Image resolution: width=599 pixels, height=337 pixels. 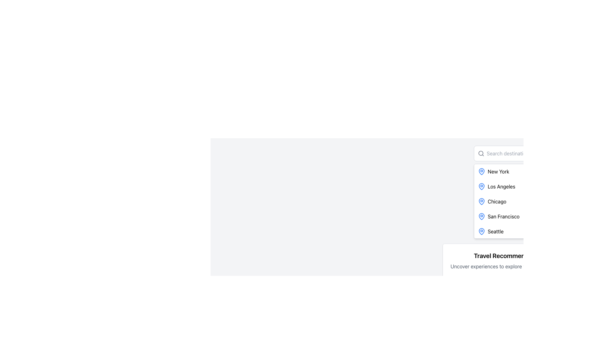 What do you see at coordinates (510, 216) in the screenshot?
I see `the list item labeled 'San Francisco' with a blue location pin icon, which is the fourth item in a vertical list of location options` at bounding box center [510, 216].